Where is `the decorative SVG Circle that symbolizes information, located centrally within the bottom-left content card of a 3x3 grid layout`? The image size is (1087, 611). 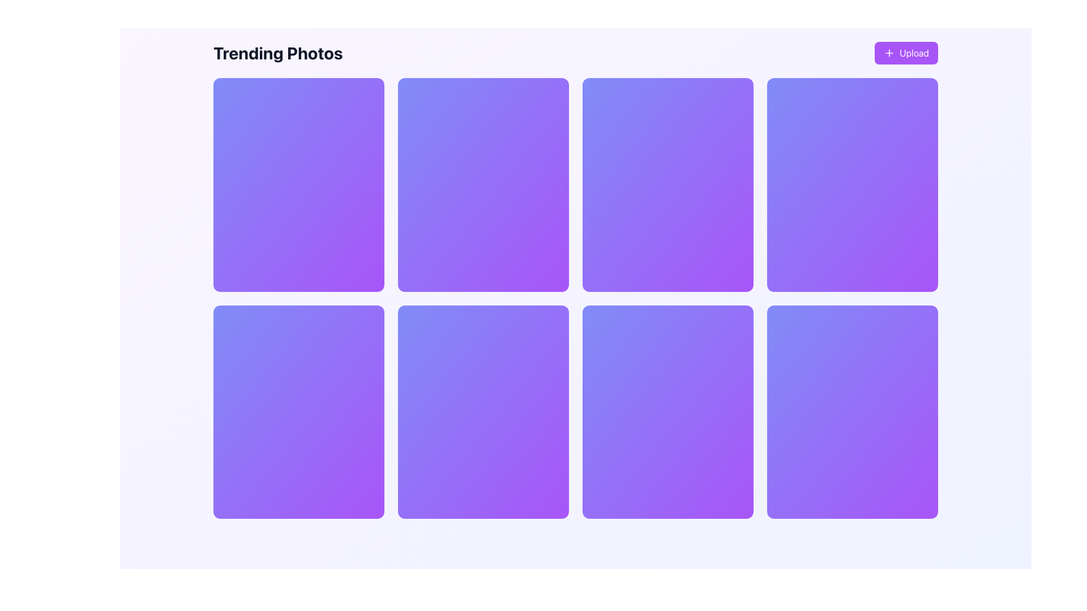 the decorative SVG Circle that symbolizes information, located centrally within the bottom-left content card of a 3x3 grid layout is located at coordinates (366, 323).